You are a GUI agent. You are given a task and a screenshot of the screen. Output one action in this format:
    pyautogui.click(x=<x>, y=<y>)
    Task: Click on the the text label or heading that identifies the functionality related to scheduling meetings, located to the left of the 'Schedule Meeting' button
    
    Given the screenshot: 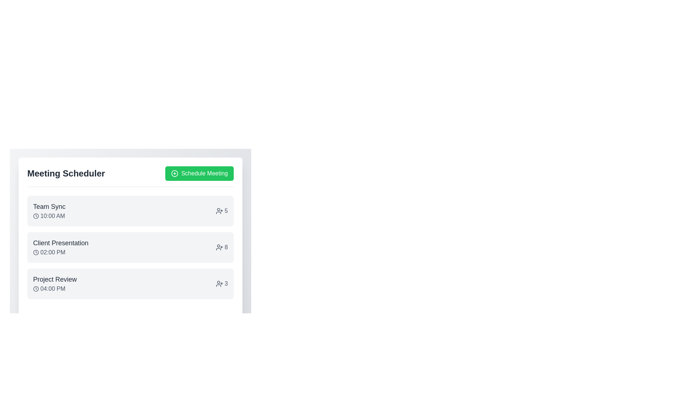 What is the action you would take?
    pyautogui.click(x=66, y=174)
    